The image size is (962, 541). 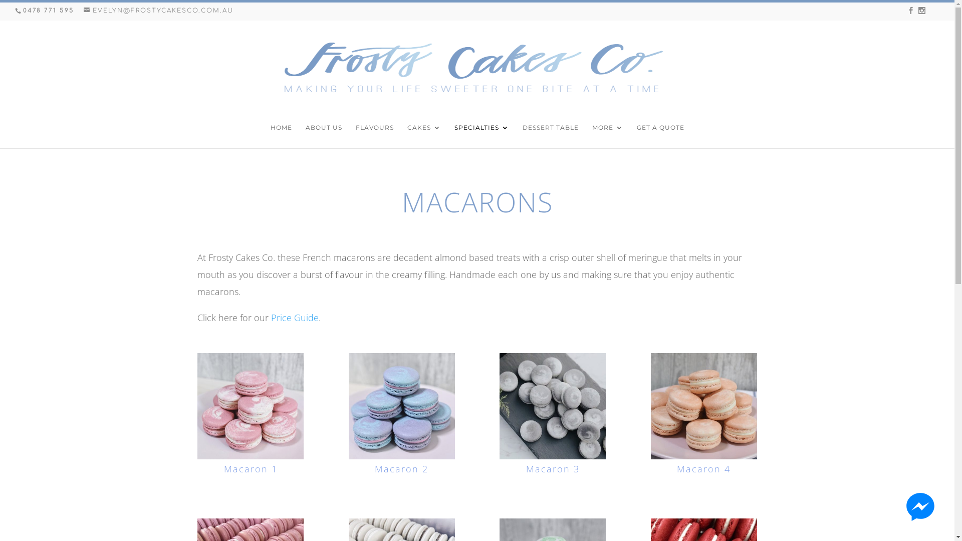 What do you see at coordinates (324, 136) in the screenshot?
I see `'ABOUT US'` at bounding box center [324, 136].